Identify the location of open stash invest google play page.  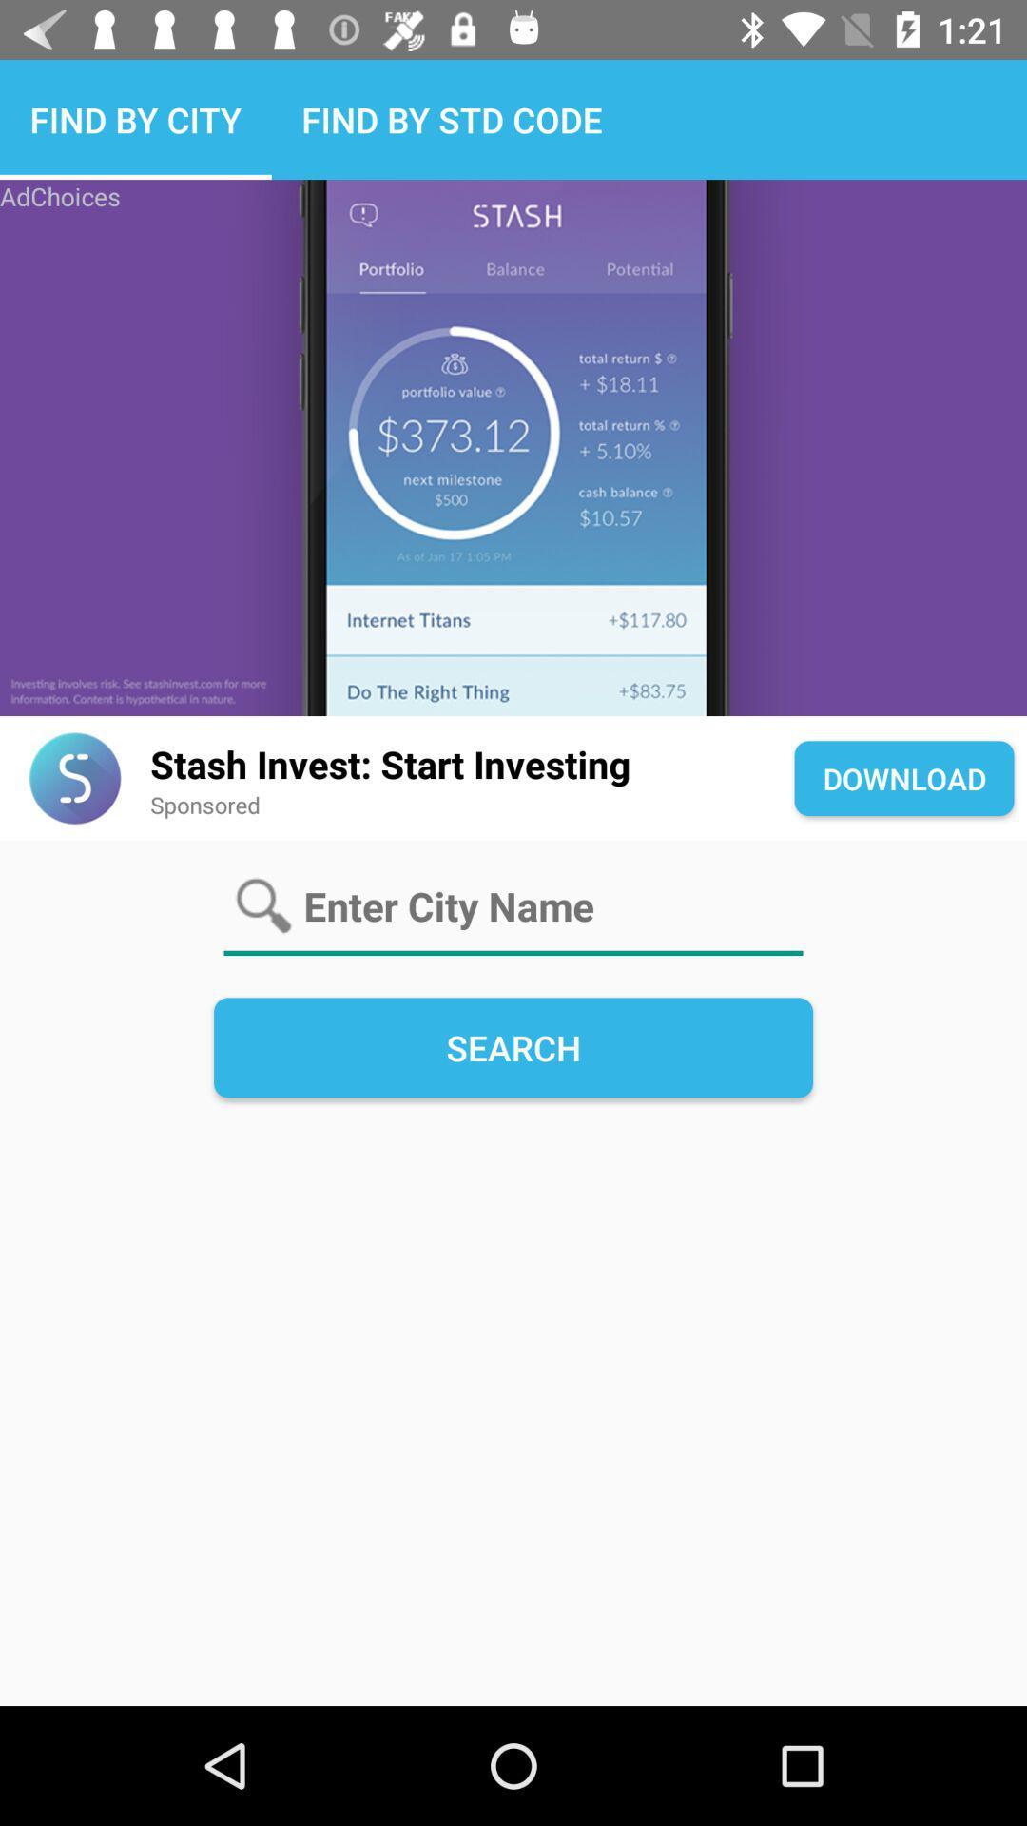
(74, 778).